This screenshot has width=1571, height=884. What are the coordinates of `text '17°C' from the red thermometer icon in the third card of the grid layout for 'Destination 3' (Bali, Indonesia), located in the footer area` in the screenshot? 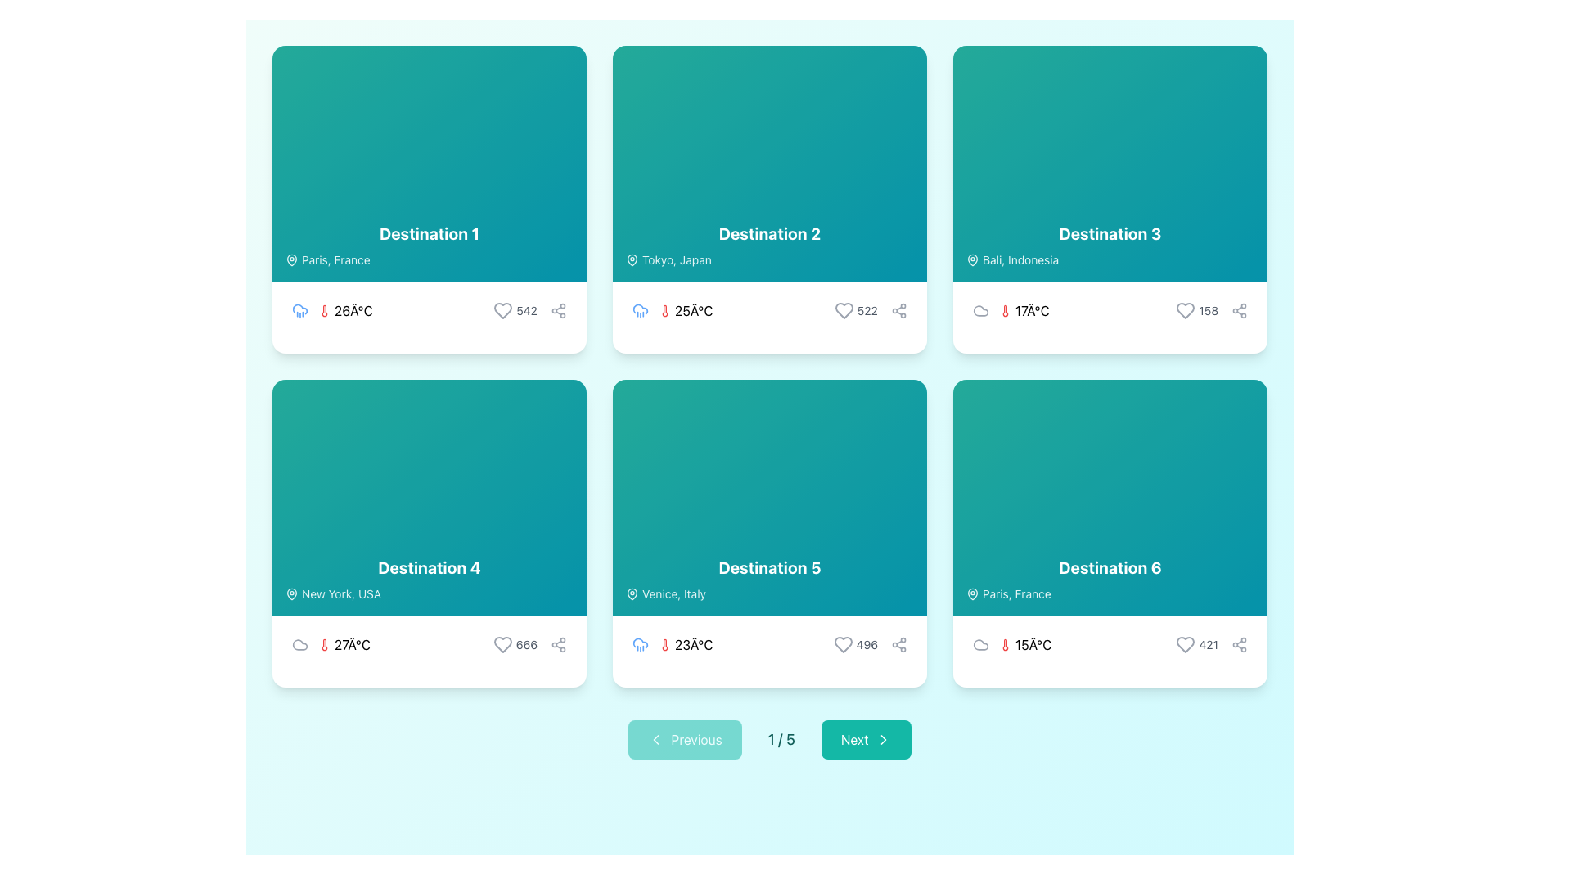 It's located at (1023, 311).